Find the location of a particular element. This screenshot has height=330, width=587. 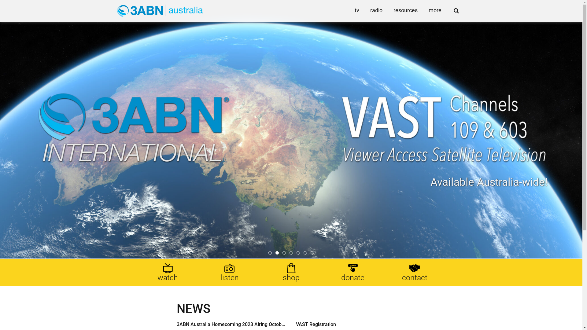

'3ABN Australia Homecoming 2023 Airing October 19!' is located at coordinates (231, 324).